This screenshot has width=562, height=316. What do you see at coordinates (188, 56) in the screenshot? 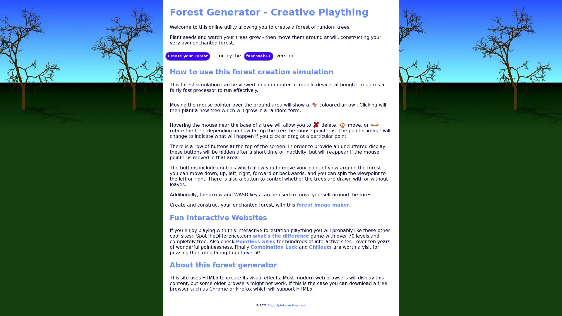
I see `Create your Forest` at bounding box center [188, 56].